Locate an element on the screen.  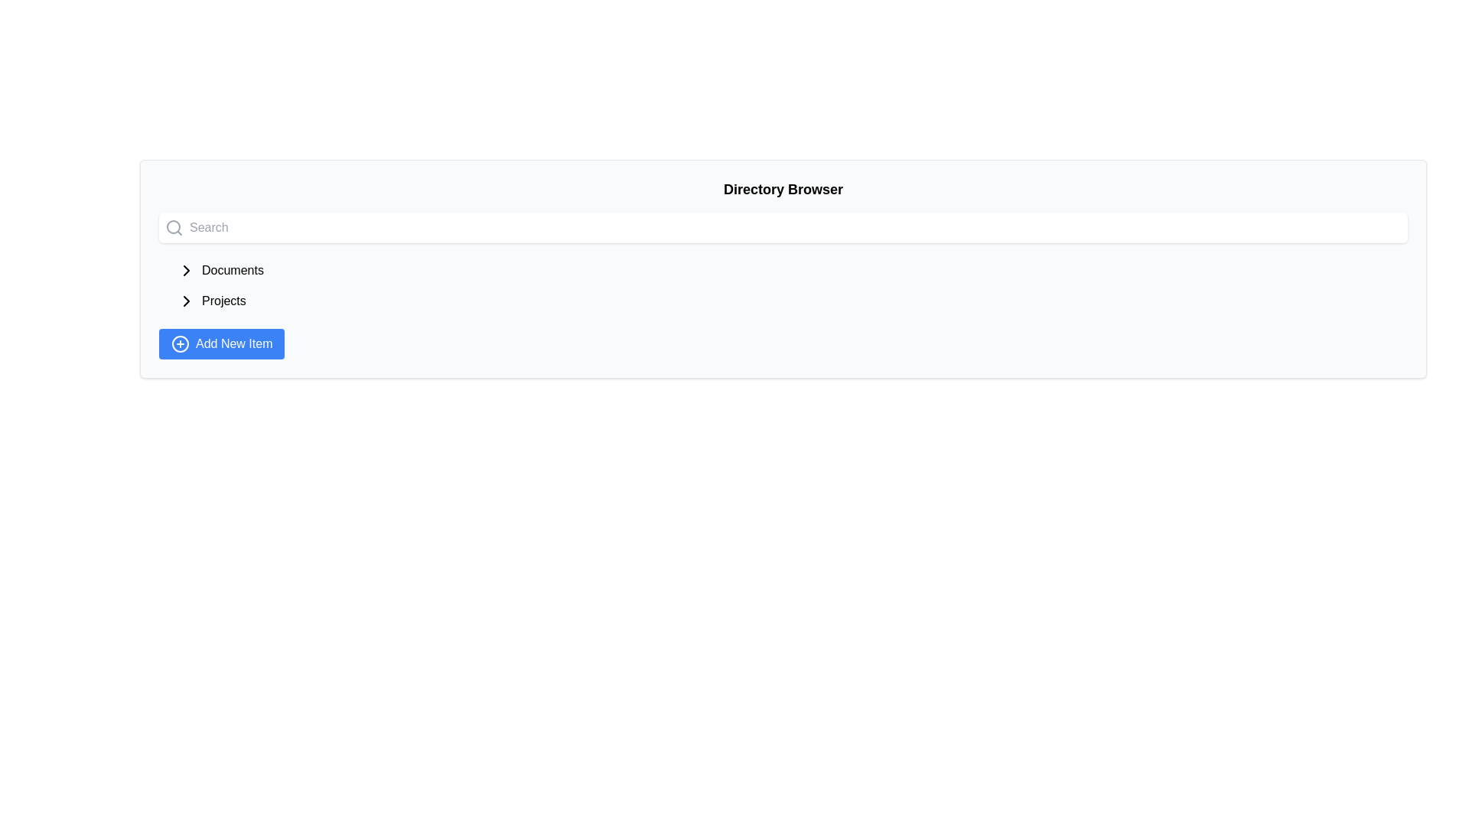
the 'Add New Item' interactive button, which is a blue rectangular button with white text and a plus icon, to change its color is located at coordinates (221, 344).